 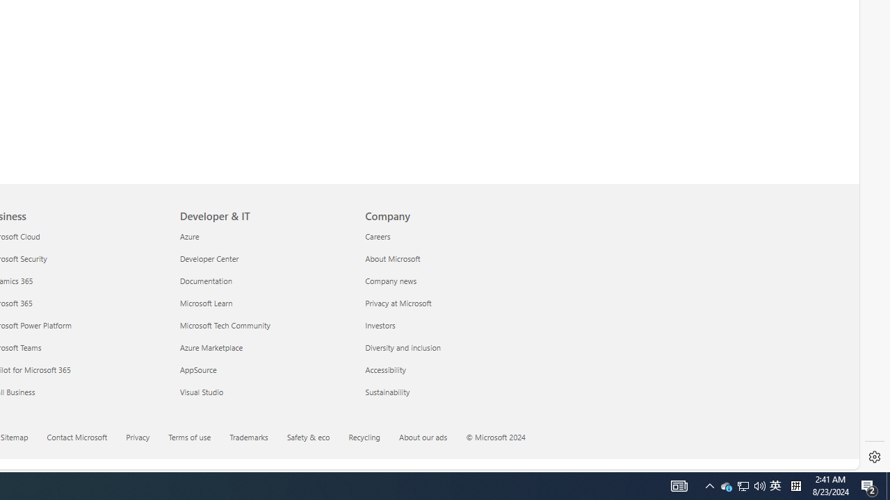 What do you see at coordinates (430, 438) in the screenshot?
I see `'About our ads'` at bounding box center [430, 438].